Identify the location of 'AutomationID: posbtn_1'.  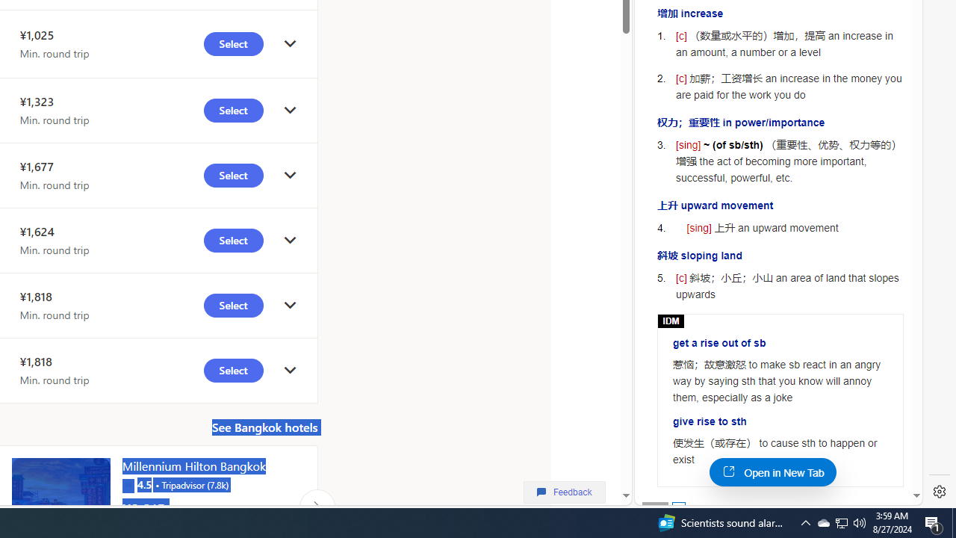
(677, 507).